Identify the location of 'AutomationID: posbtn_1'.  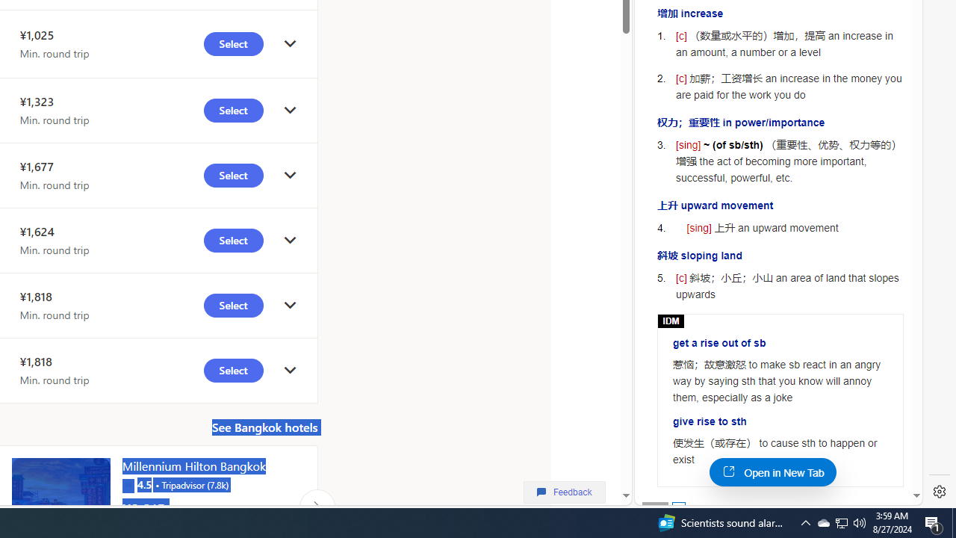
(677, 507).